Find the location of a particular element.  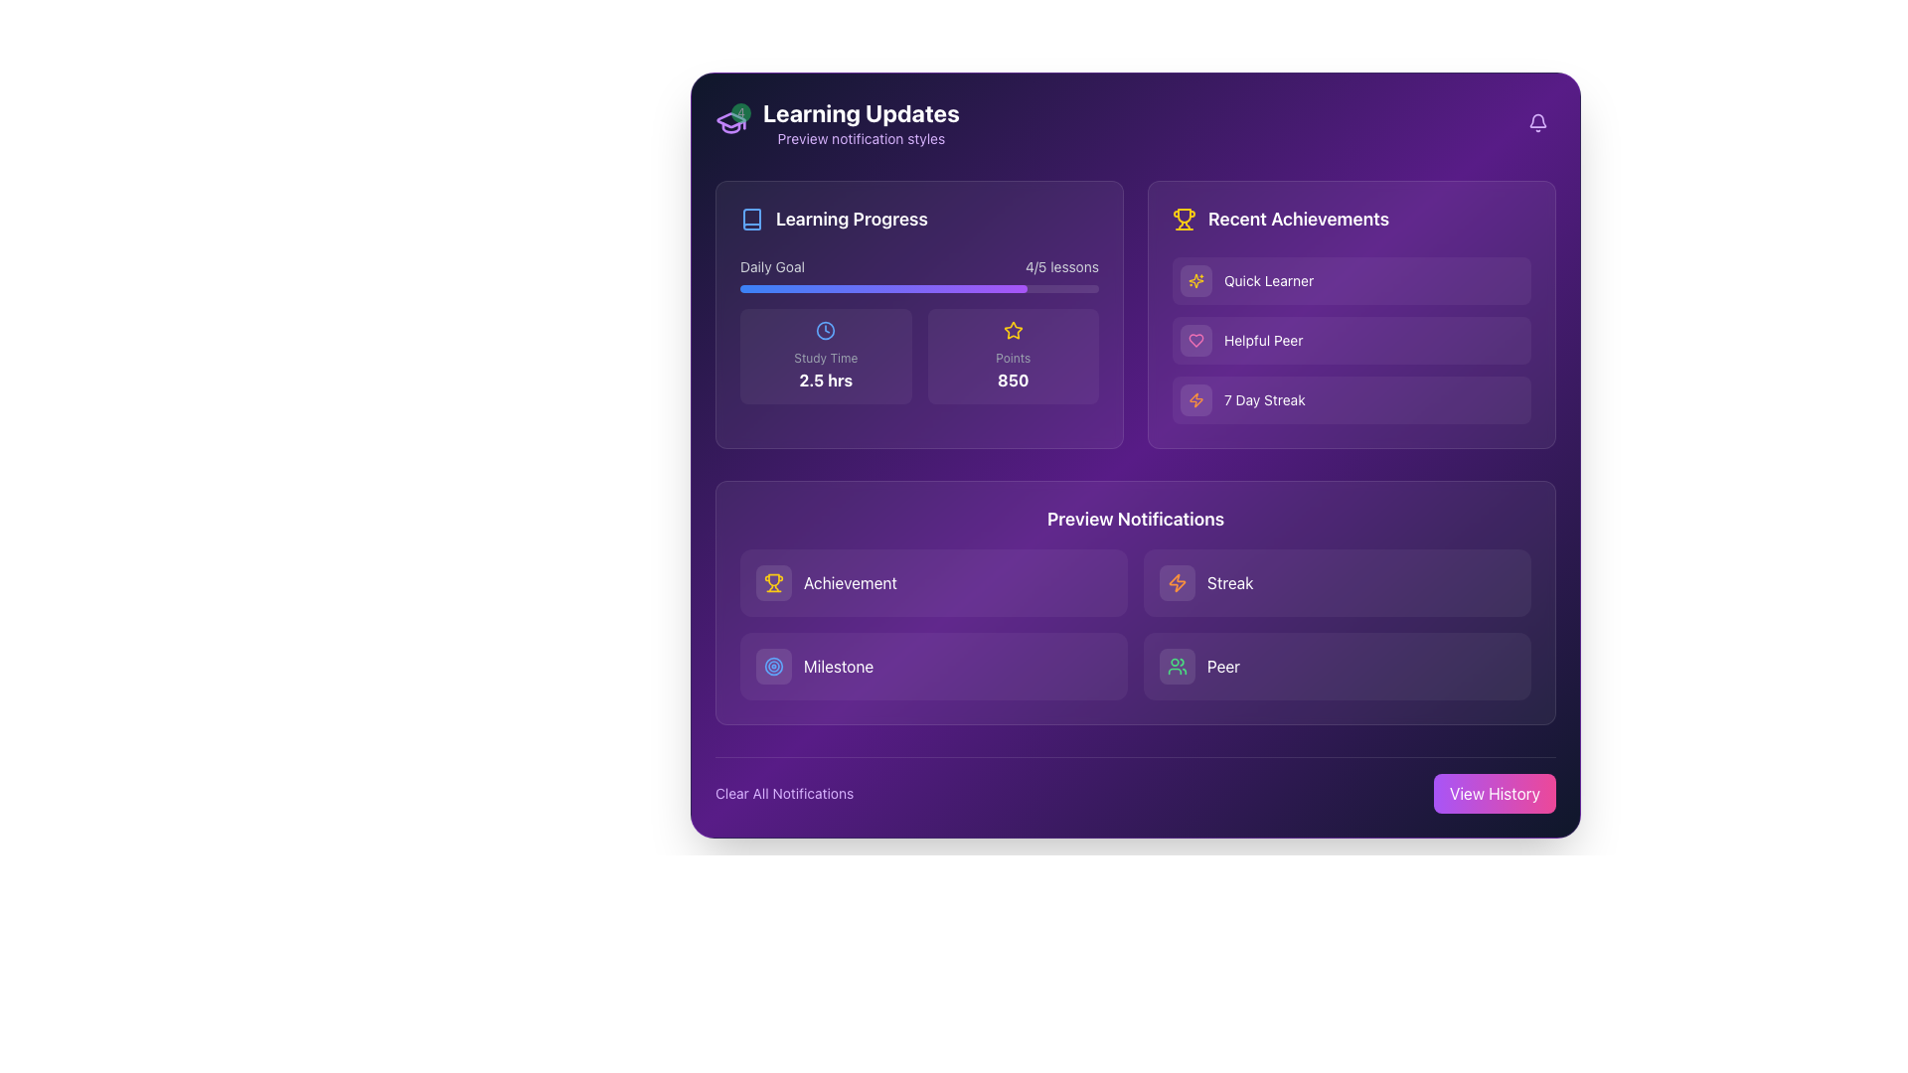

the leftmost informational card displaying study time completed or allocated in the 'Learning Progress' section is located at coordinates (826, 355).